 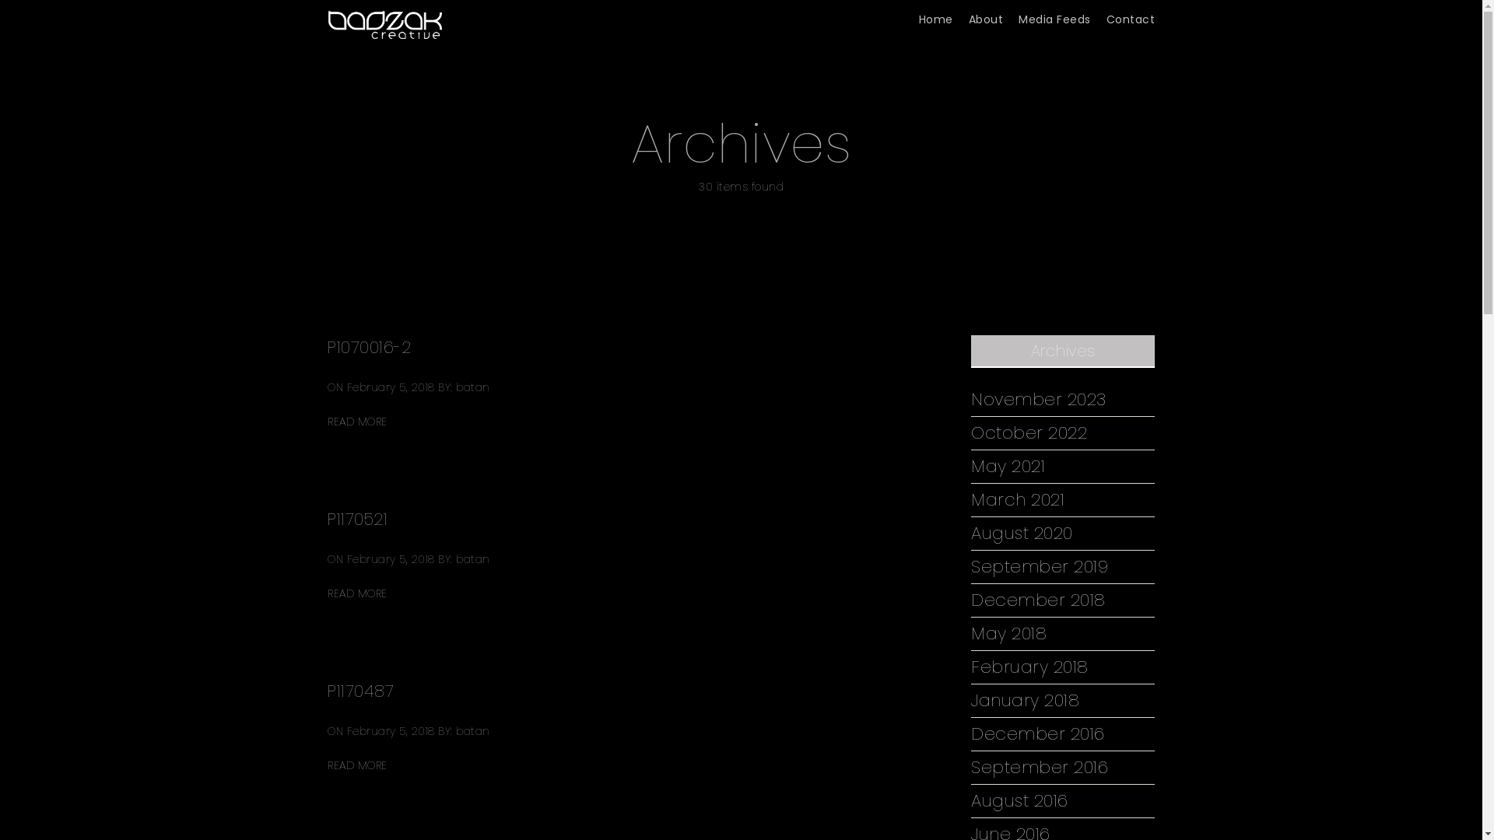 I want to click on 'October 2022', so click(x=1029, y=432).